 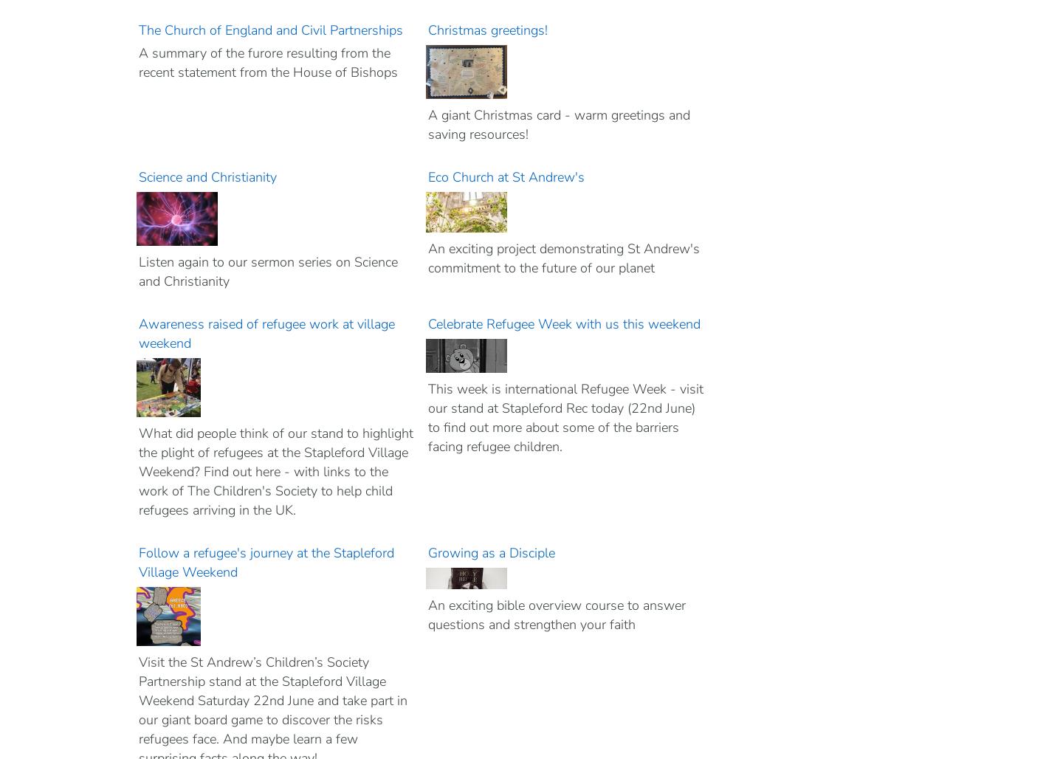 What do you see at coordinates (564, 418) in the screenshot?
I see `'This week is international Refugee Week - visit our stand at Stapleford Rec today (22nd June) to find out more about some of the barriers facing refugee children.'` at bounding box center [564, 418].